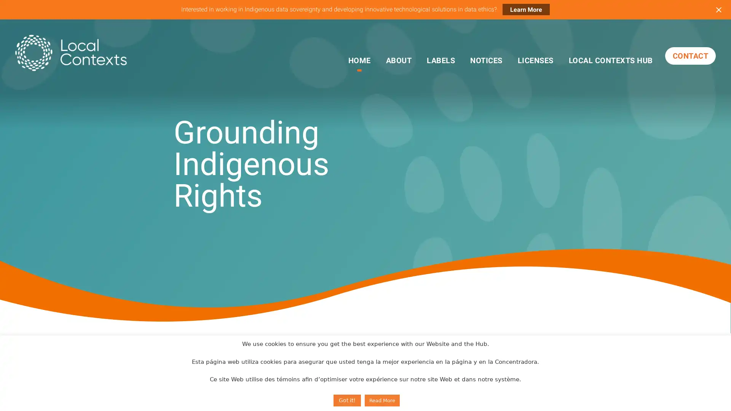 This screenshot has height=411, width=731. What do you see at coordinates (346, 400) in the screenshot?
I see `Got it!` at bounding box center [346, 400].